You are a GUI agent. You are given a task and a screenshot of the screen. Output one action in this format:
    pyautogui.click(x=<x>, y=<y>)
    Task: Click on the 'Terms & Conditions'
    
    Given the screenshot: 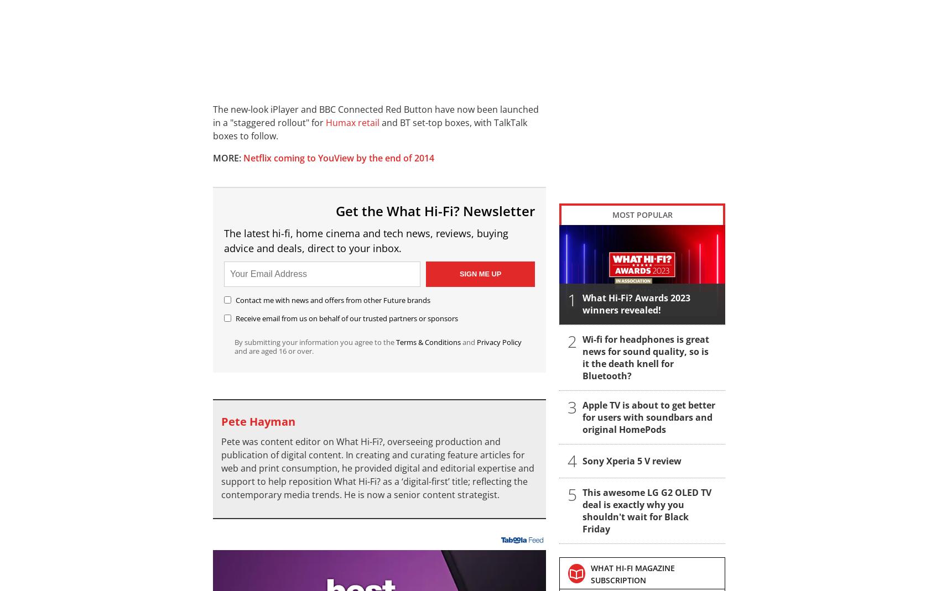 What is the action you would take?
    pyautogui.click(x=428, y=341)
    